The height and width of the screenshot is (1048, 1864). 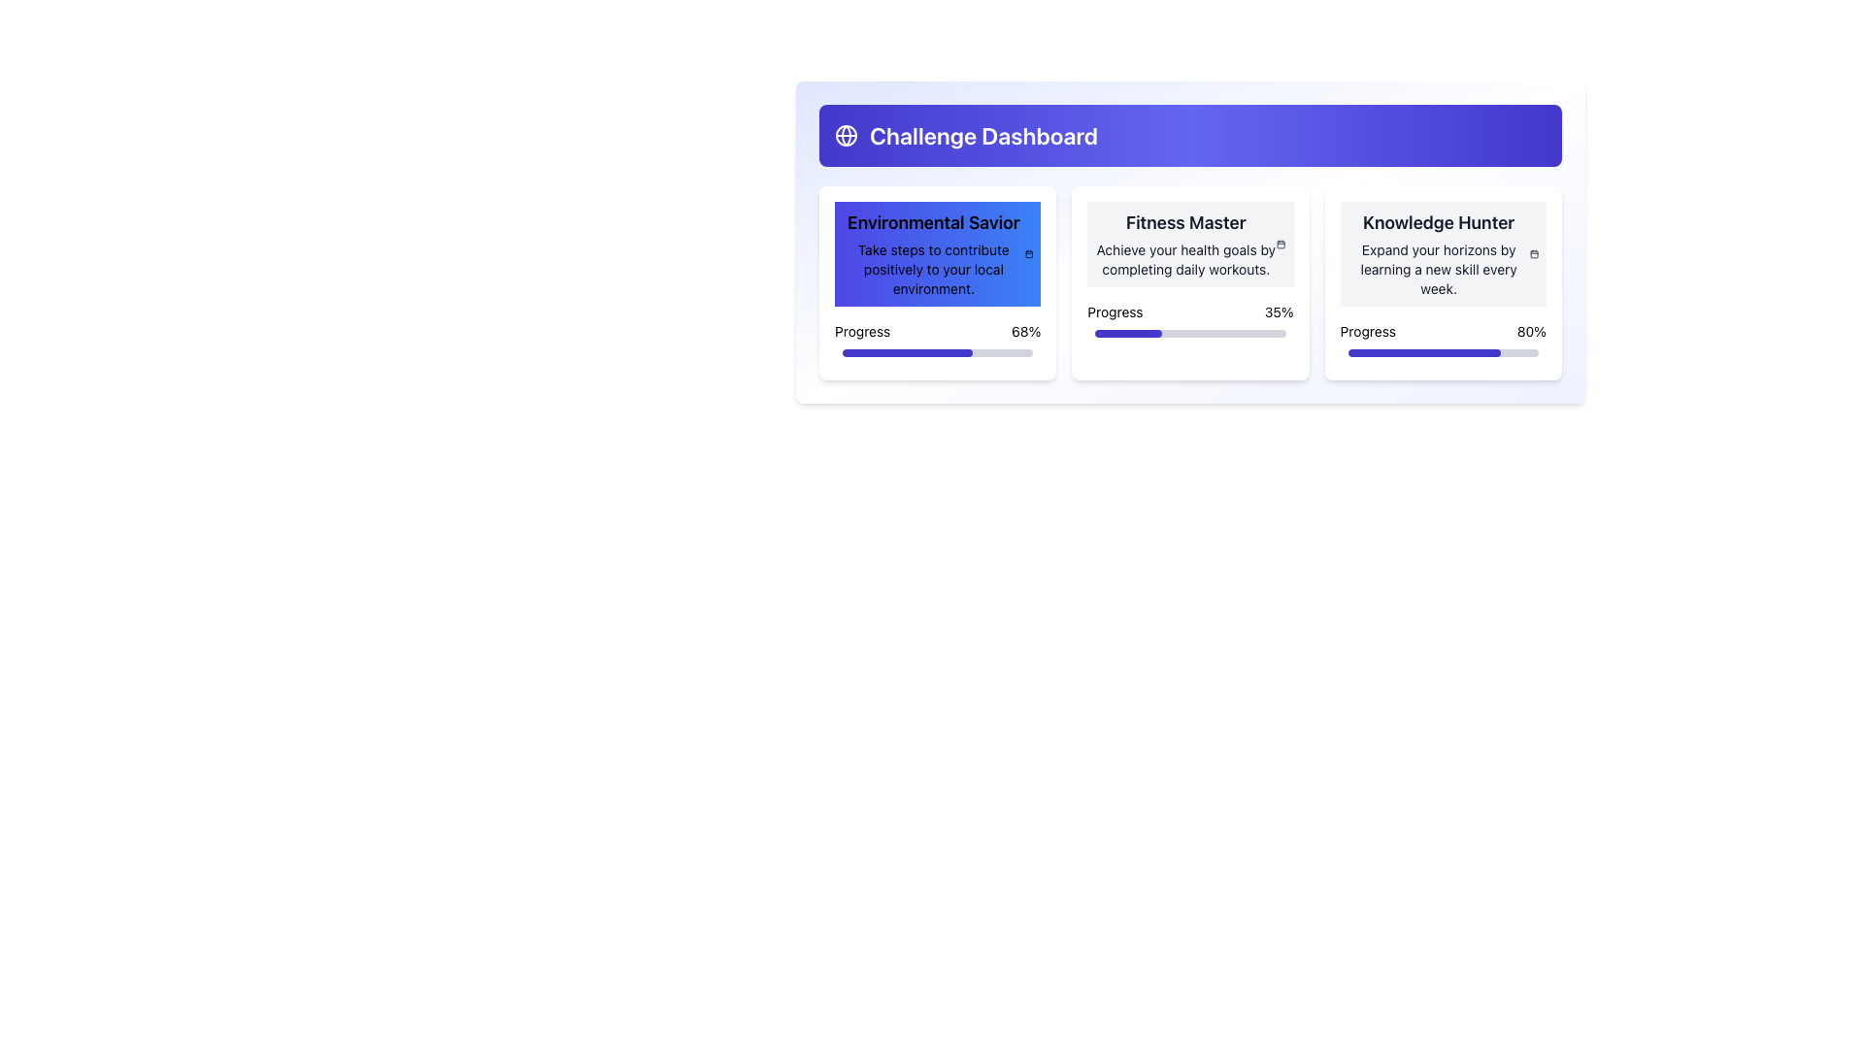 I want to click on the 'Progress' static text label, which is styled in a standard sans-serif font, appears in black, and is positioned to the left of the percentage ('80%') above a progress bar in the bottom section of the rightmost card, so click(x=1367, y=331).